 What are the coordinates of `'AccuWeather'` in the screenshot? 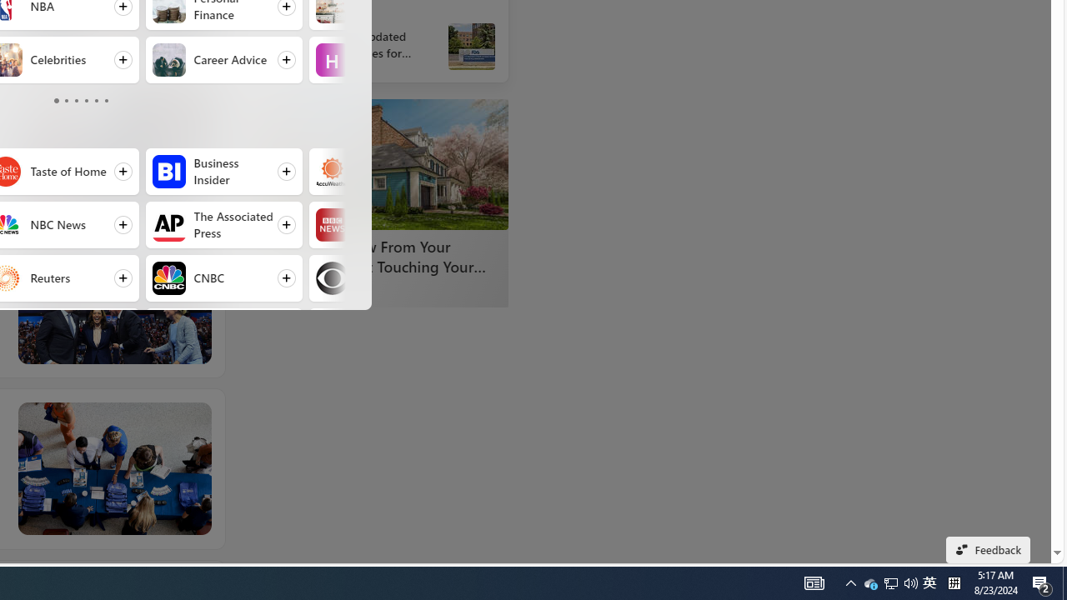 It's located at (332, 171).